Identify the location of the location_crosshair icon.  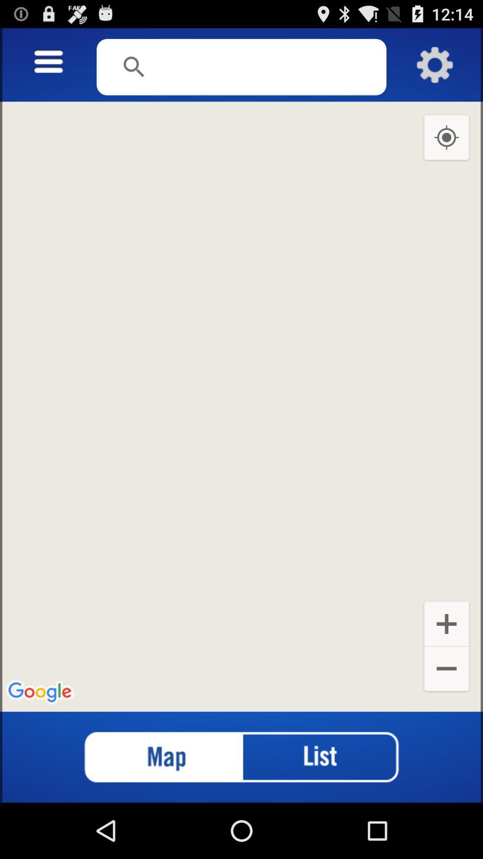
(446, 148).